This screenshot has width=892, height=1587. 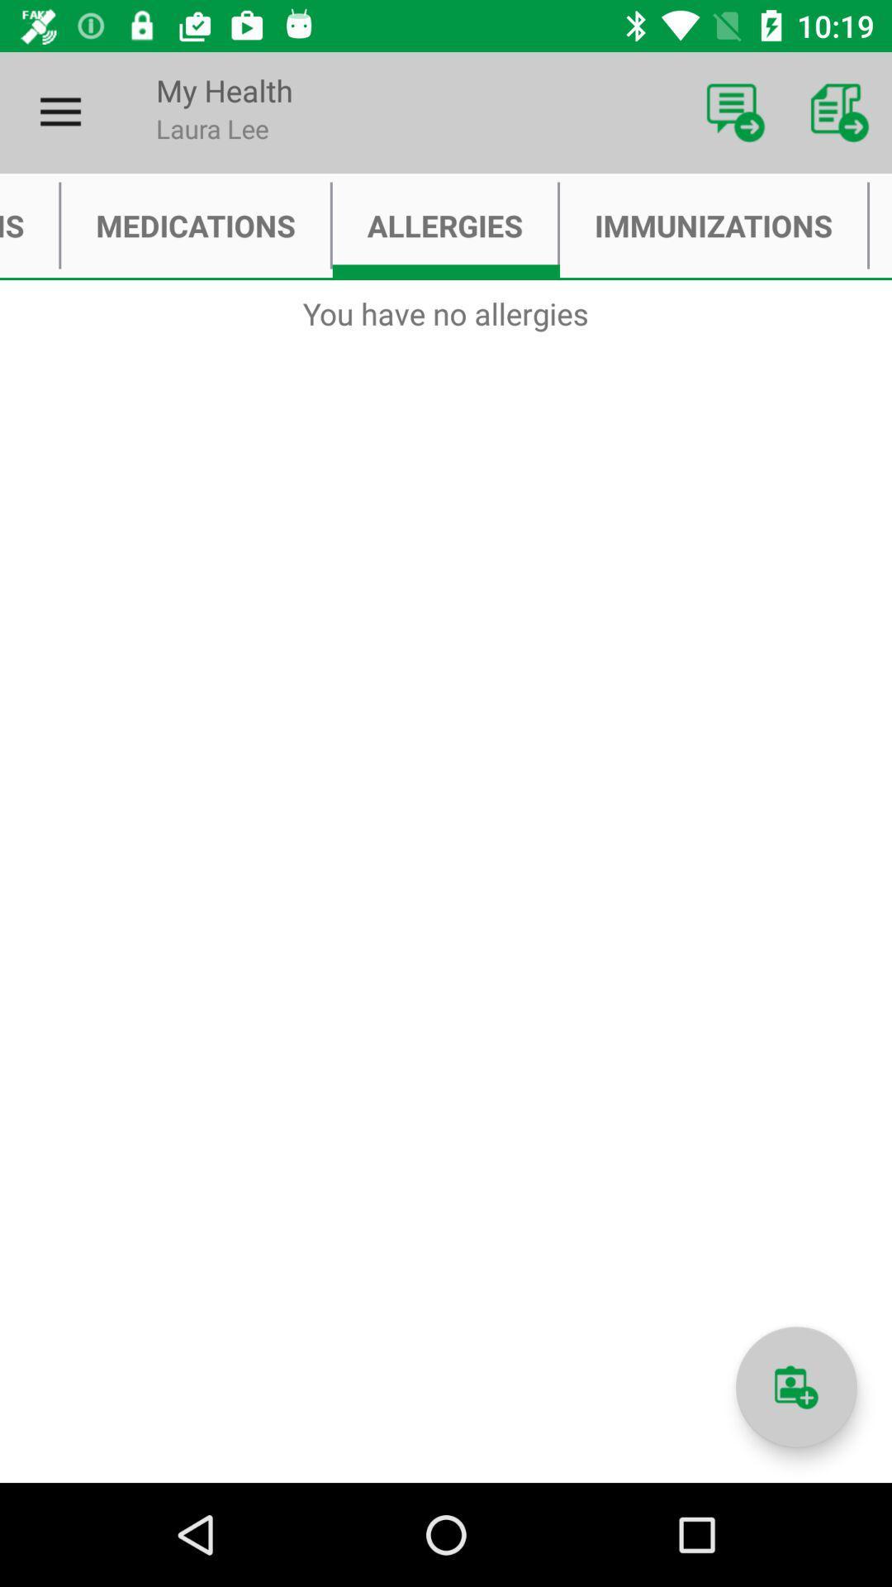 What do you see at coordinates (59, 112) in the screenshot?
I see `icon above the conditions item` at bounding box center [59, 112].